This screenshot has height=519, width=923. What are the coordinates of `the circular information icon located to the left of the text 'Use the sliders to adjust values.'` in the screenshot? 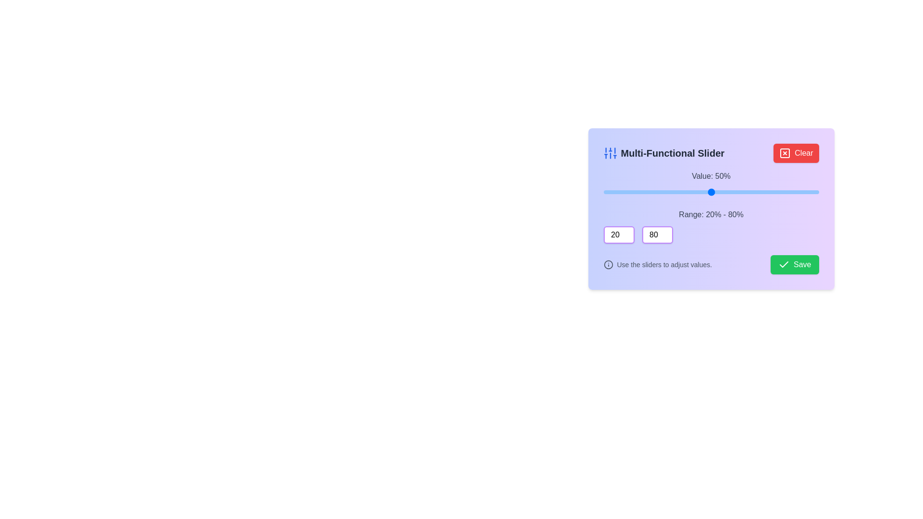 It's located at (608, 265).